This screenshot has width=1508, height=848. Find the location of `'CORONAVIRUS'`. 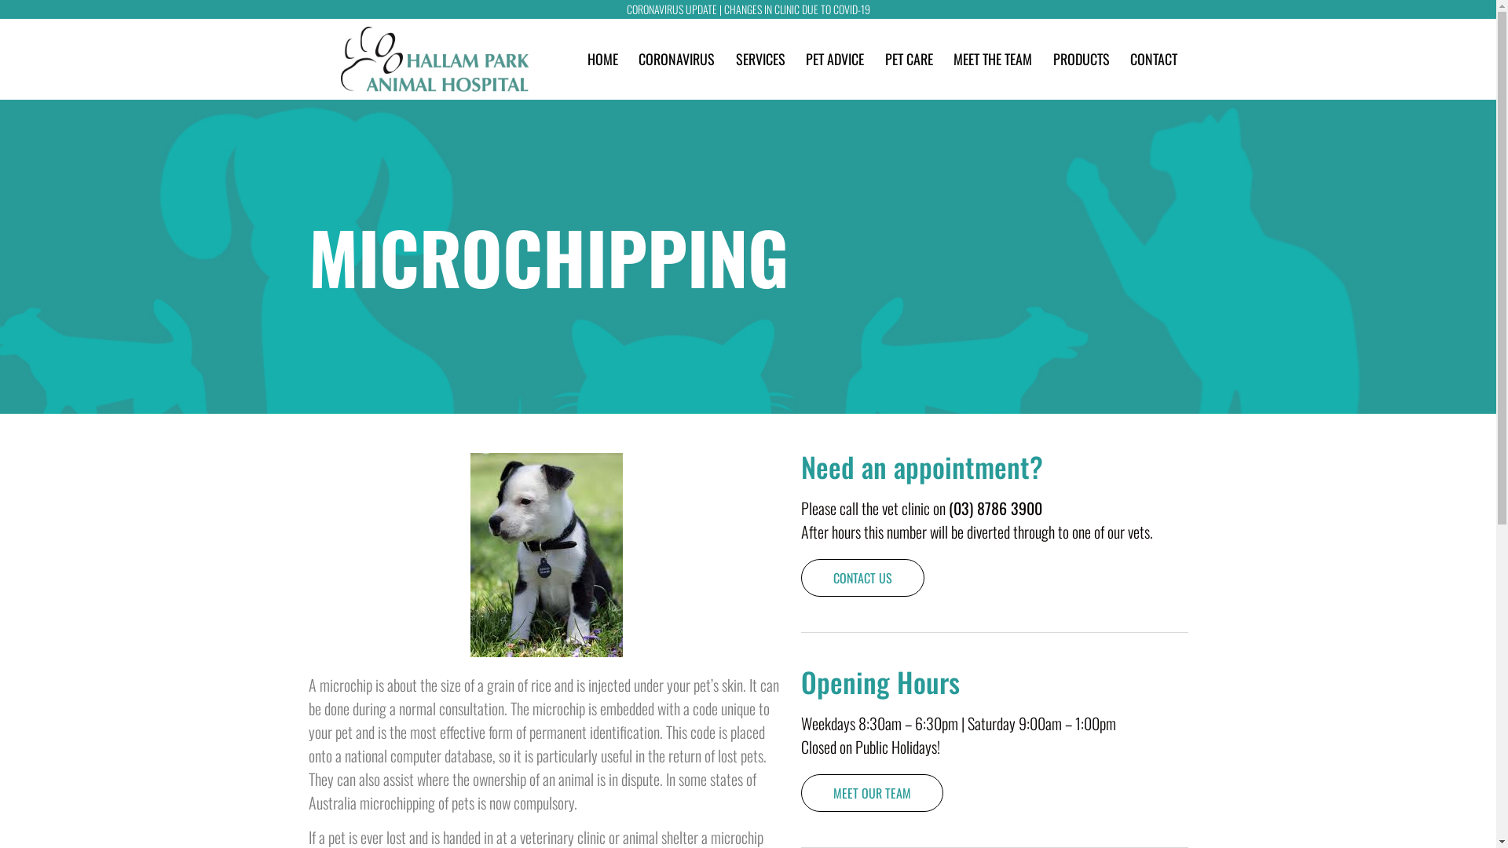

'CORONAVIRUS' is located at coordinates (676, 57).